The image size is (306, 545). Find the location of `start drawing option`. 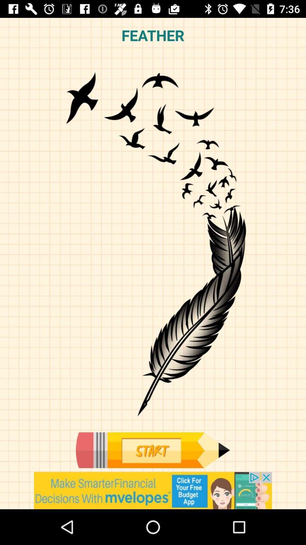

start drawing option is located at coordinates (152, 450).